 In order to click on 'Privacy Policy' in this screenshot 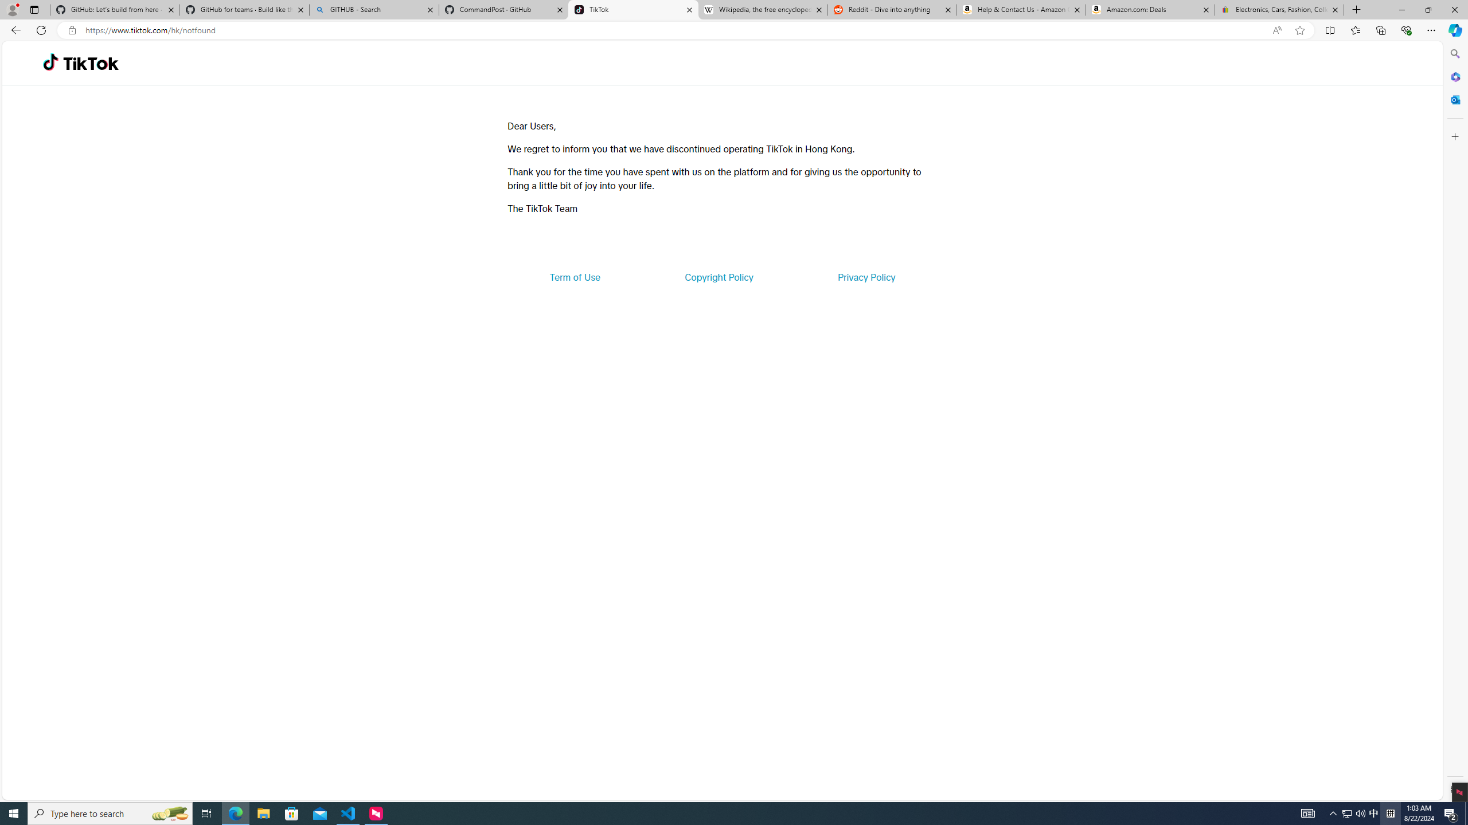, I will do `click(865, 276)`.